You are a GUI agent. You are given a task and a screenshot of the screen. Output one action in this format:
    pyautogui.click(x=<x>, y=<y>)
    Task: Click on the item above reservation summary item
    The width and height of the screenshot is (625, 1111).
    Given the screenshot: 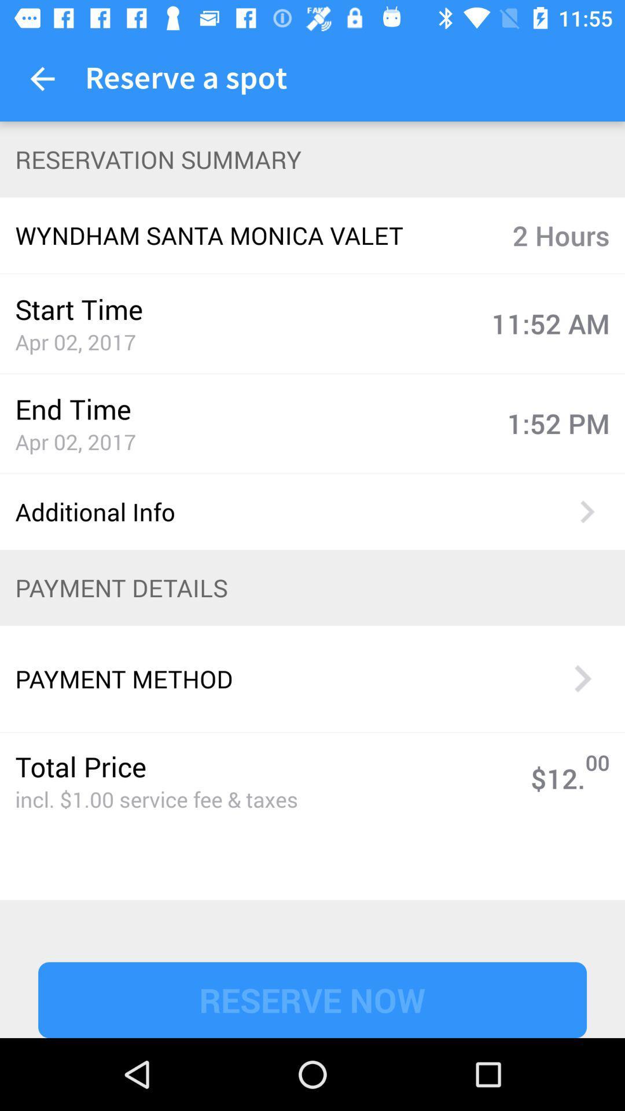 What is the action you would take?
    pyautogui.click(x=42, y=78)
    